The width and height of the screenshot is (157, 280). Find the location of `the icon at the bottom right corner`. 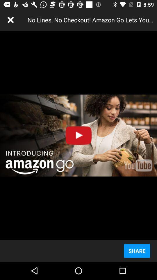

the icon at the bottom right corner is located at coordinates (137, 251).